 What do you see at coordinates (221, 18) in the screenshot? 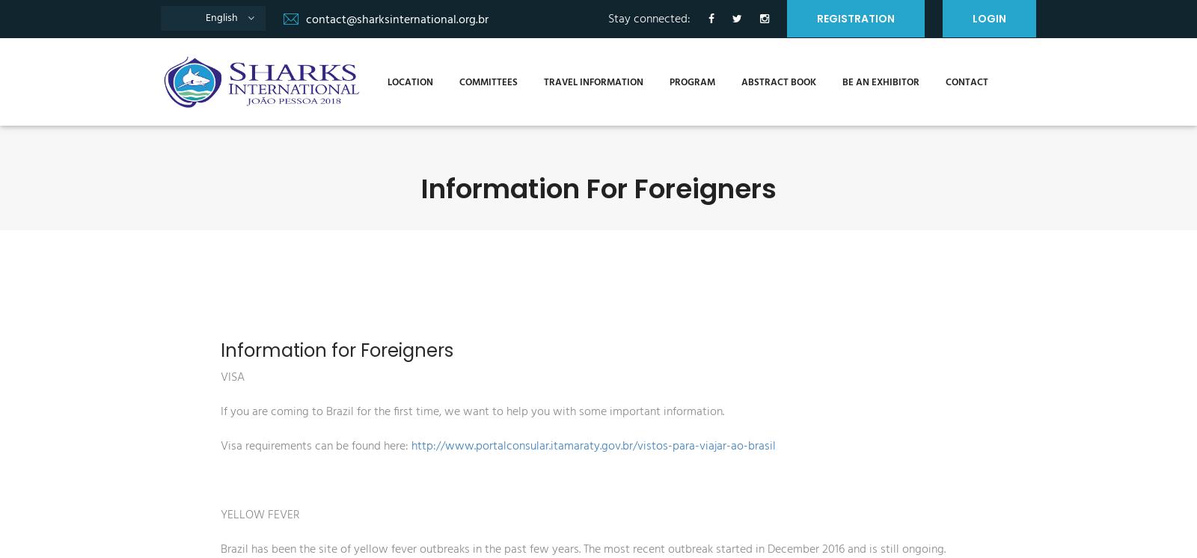
I see `'English'` at bounding box center [221, 18].